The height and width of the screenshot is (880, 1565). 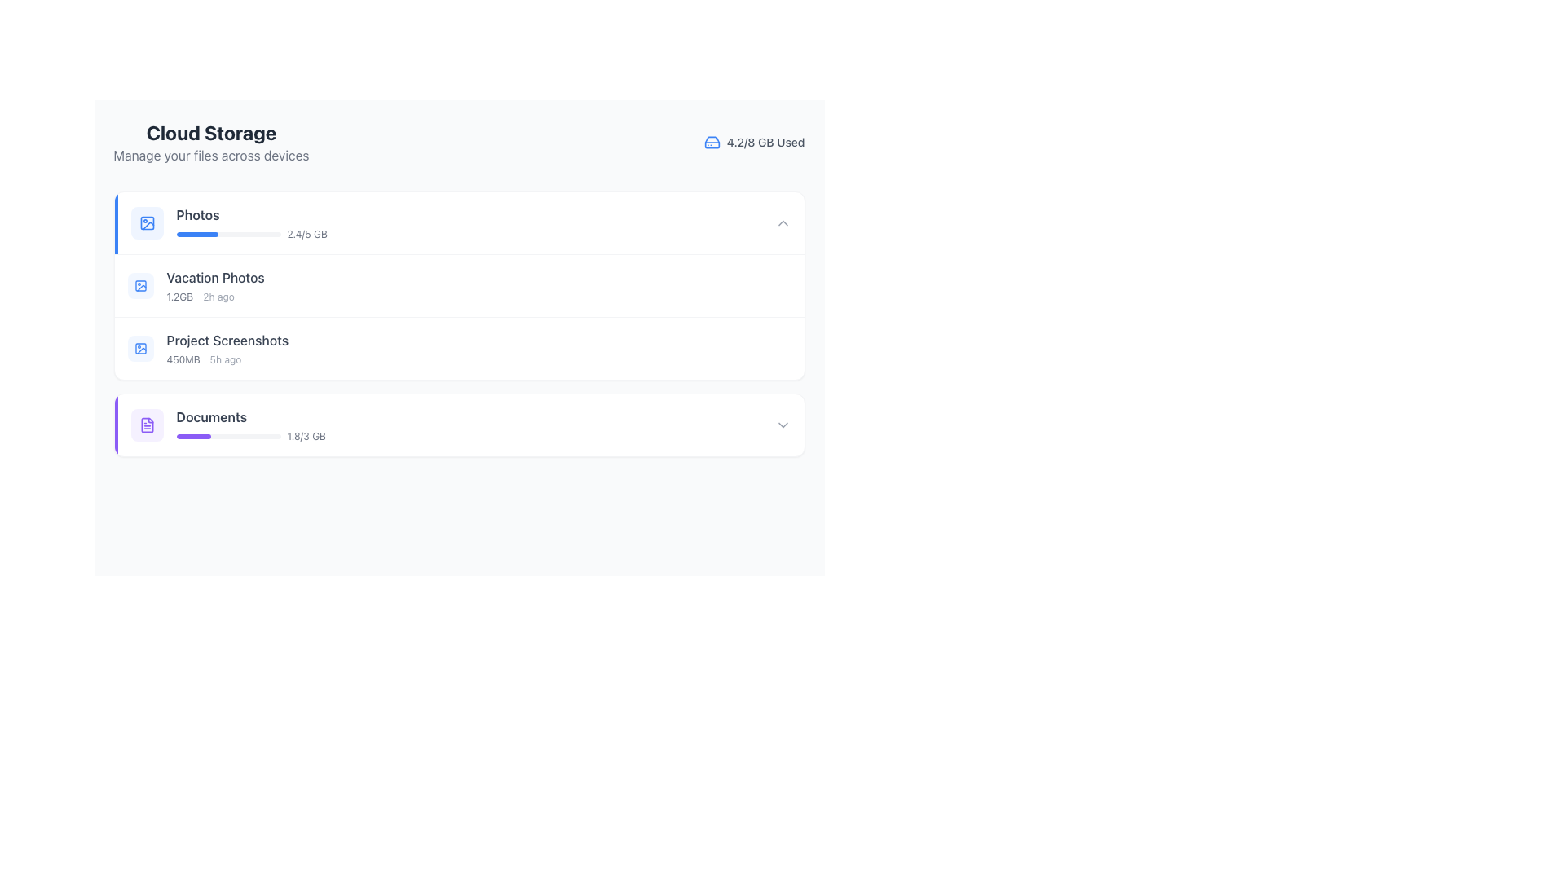 I want to click on the text block labeled 'Cloud Storage', which is a larger bold header in dark gray, positioned in the upper-left section of the interface, so click(x=210, y=141).